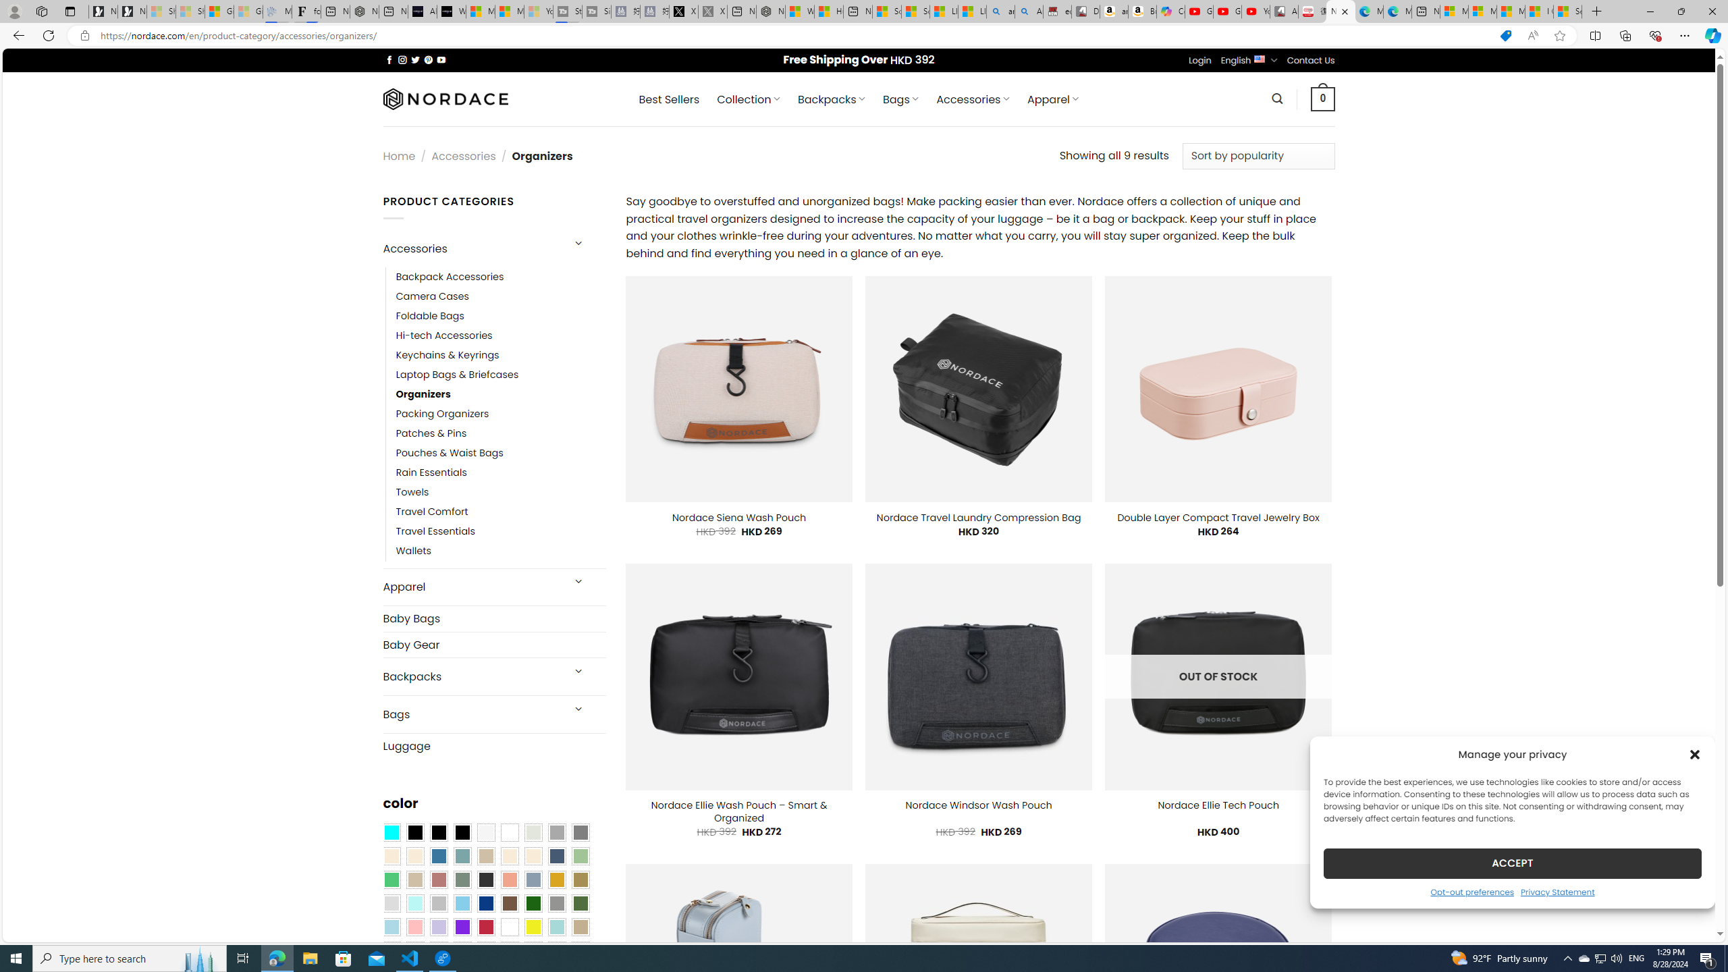 The width and height of the screenshot is (1728, 972). I want to click on 'Wallets', so click(413, 551).